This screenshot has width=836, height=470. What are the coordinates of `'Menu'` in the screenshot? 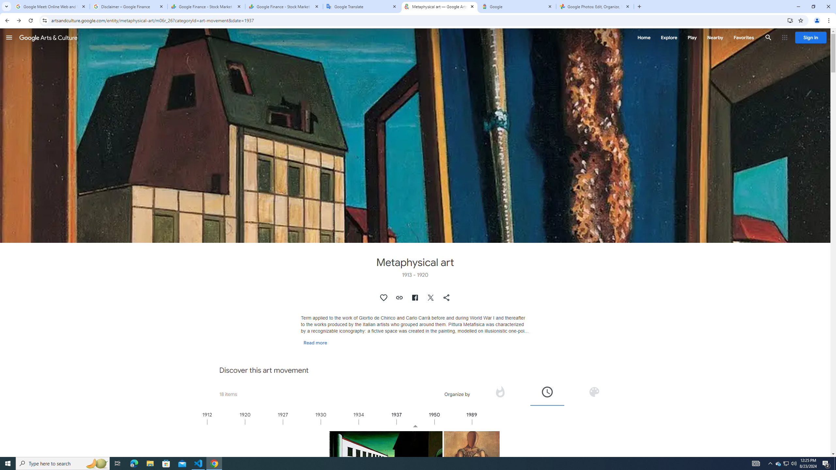 It's located at (9, 37).